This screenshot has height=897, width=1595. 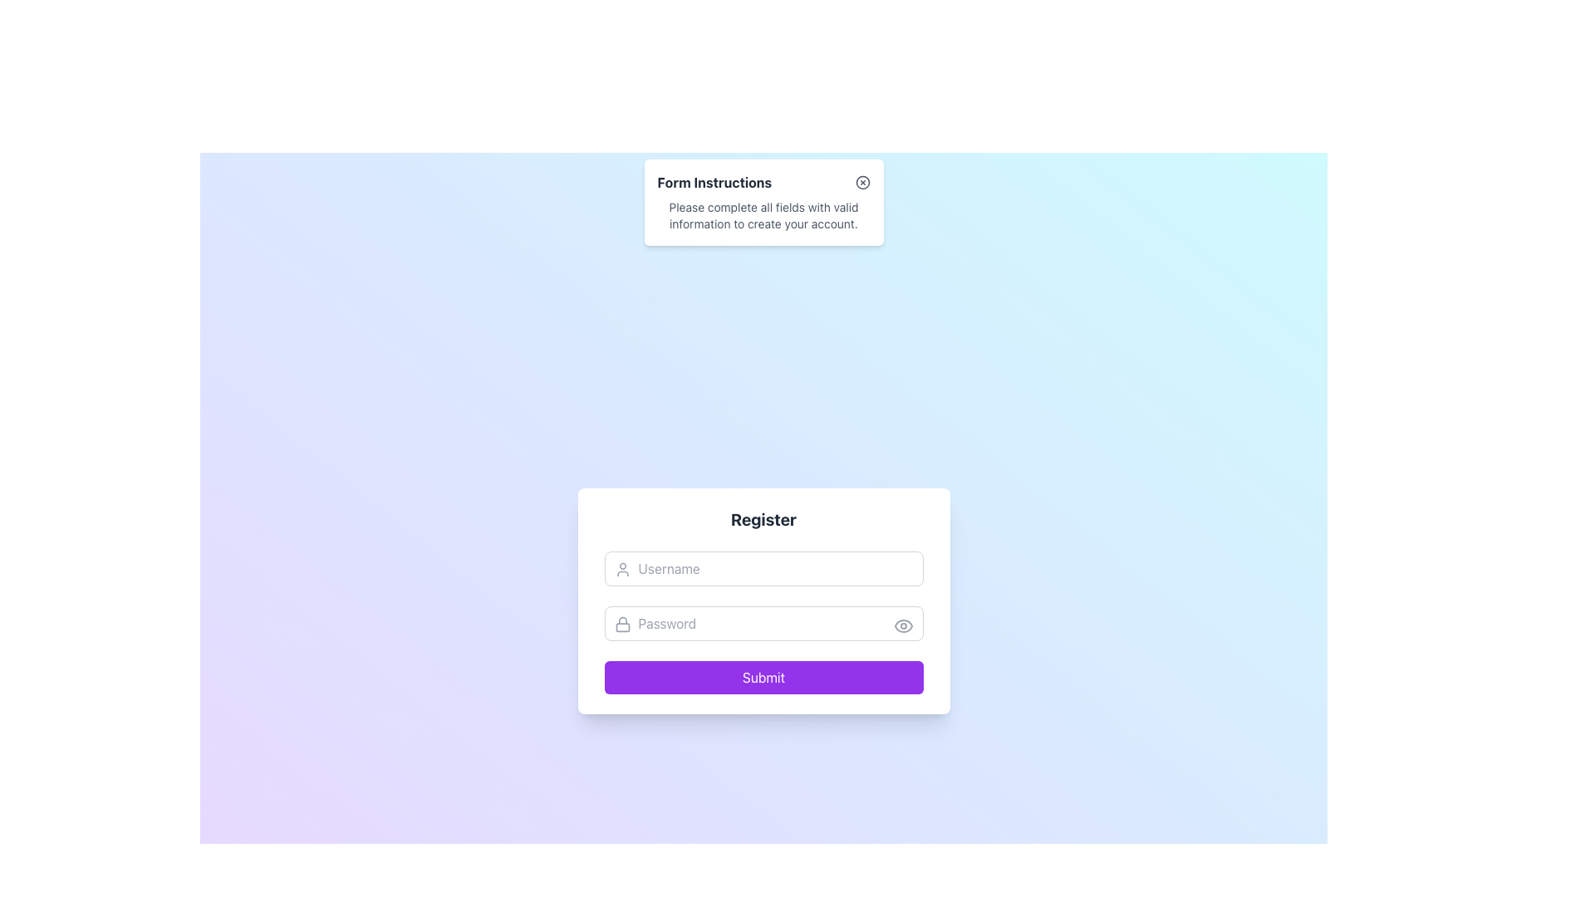 What do you see at coordinates (862, 182) in the screenshot?
I see `the dismiss button located to the right of the 'Form Instructions' text` at bounding box center [862, 182].